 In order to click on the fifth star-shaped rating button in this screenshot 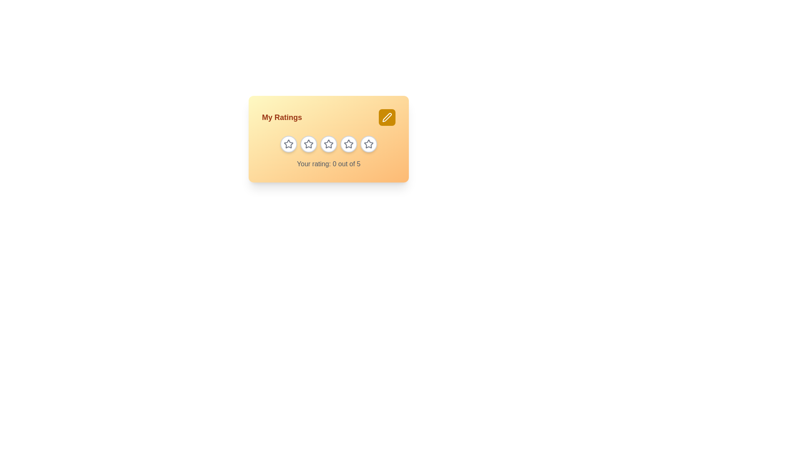, I will do `click(368, 144)`.